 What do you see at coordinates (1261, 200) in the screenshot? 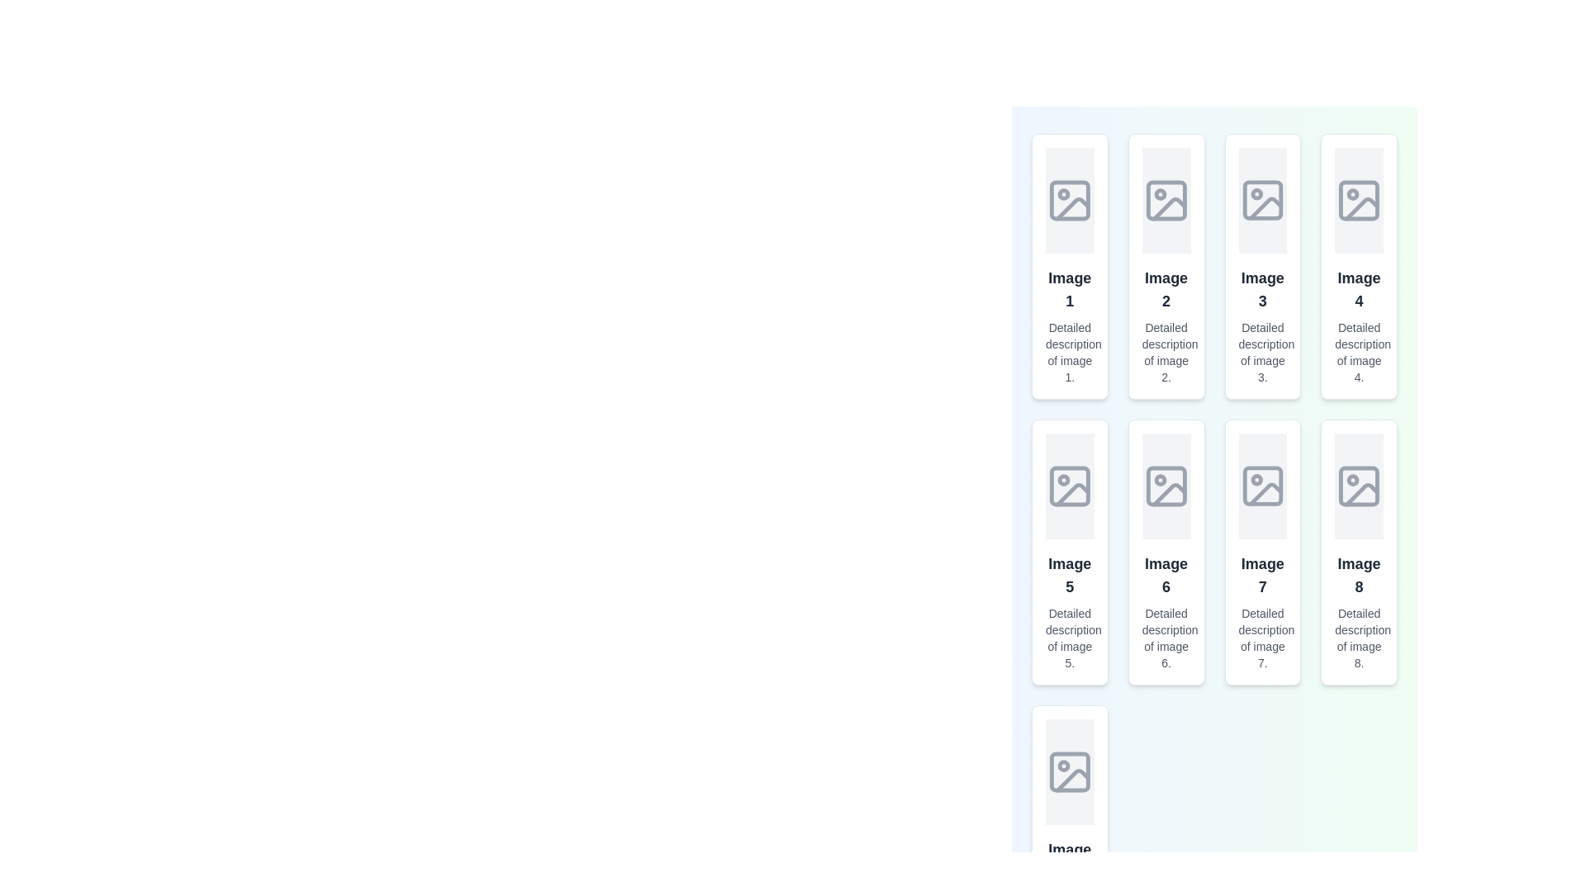
I see `the icon located in the third column of the grid layout, within the first row of image containers` at bounding box center [1261, 200].